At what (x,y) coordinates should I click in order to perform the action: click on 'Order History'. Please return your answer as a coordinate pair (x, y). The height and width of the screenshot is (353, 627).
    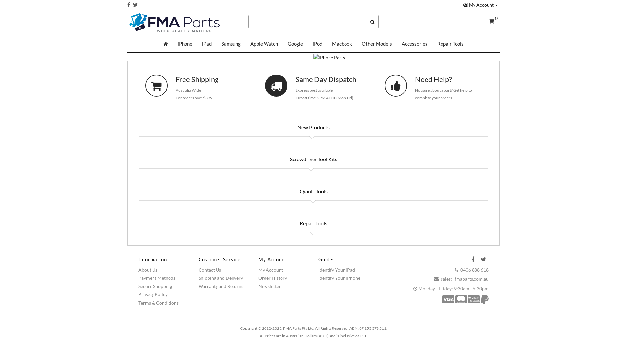
    Looking at the image, I should click on (273, 278).